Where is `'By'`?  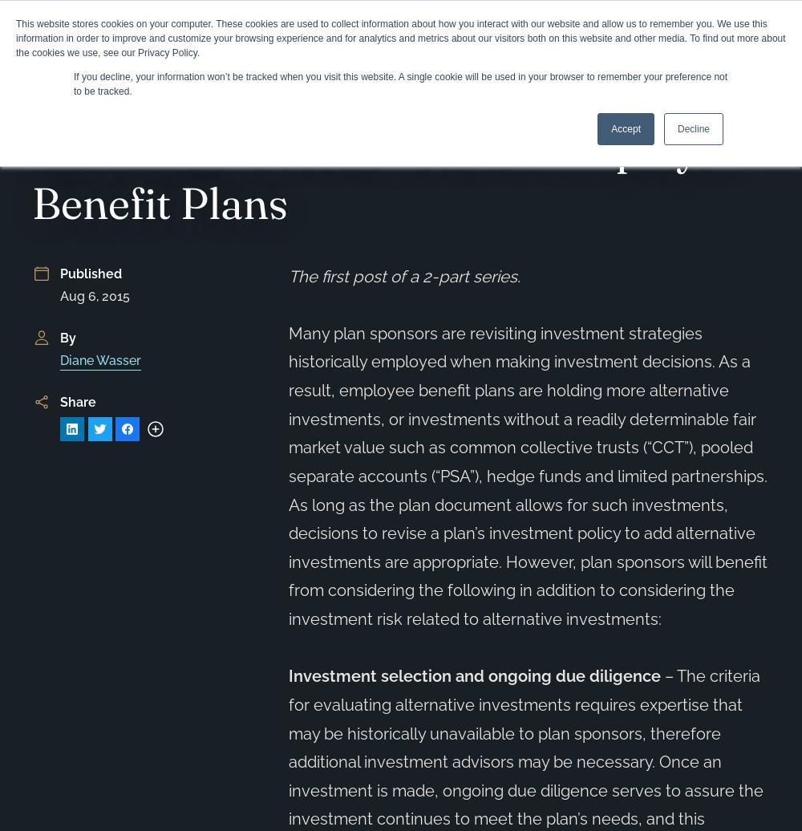
'By' is located at coordinates (67, 337).